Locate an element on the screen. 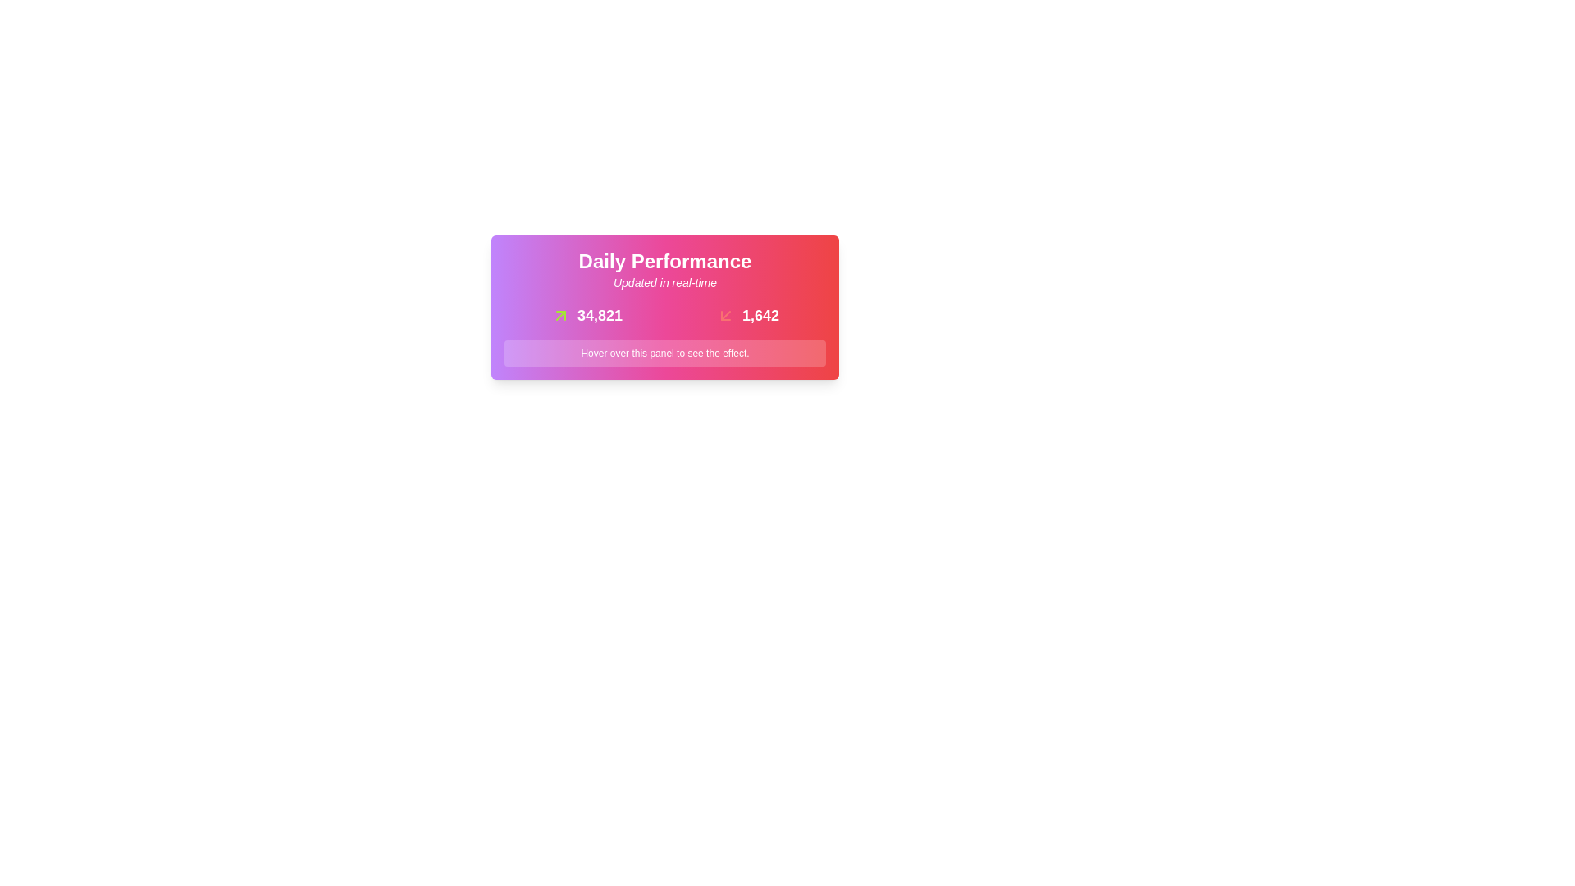 The width and height of the screenshot is (1575, 886). information displayed in the textual header 'Daily Performance' with the subtitle 'Updated in real-time', which is centrally aligned and styled in white against a gradient background is located at coordinates (665, 272).